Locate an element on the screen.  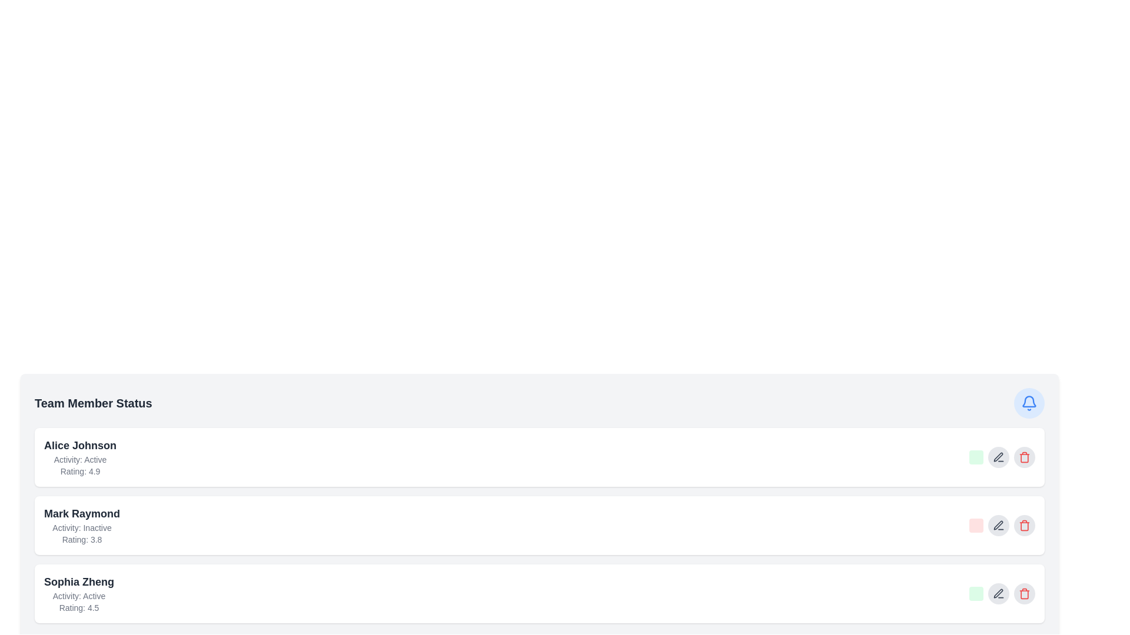
the edit button with a pen icon located in the 'Team Member Status' panel, specifically for 'Mark Raymond' under the 'Inactive' status is located at coordinates (998, 525).